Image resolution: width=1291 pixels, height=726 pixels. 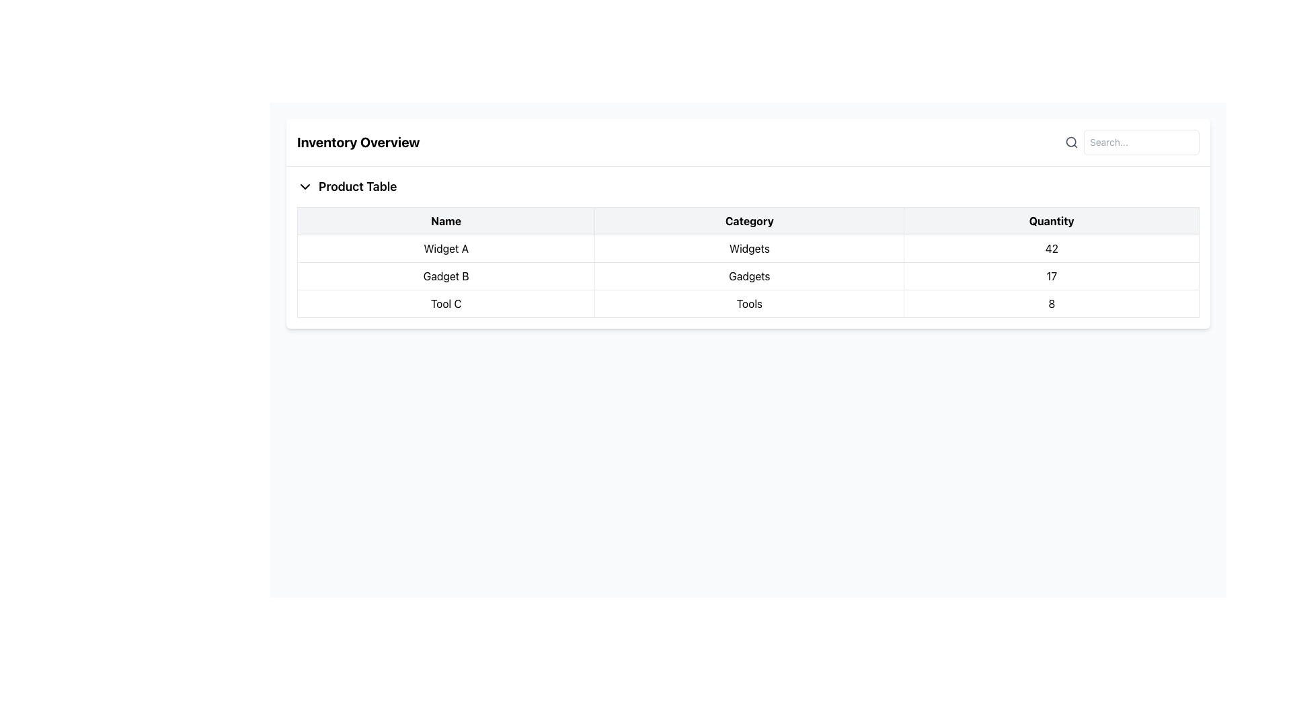 I want to click on text label 'Widget A' located in the first column of a table row, which serves as an identifier for an object or entity, so click(x=446, y=249).